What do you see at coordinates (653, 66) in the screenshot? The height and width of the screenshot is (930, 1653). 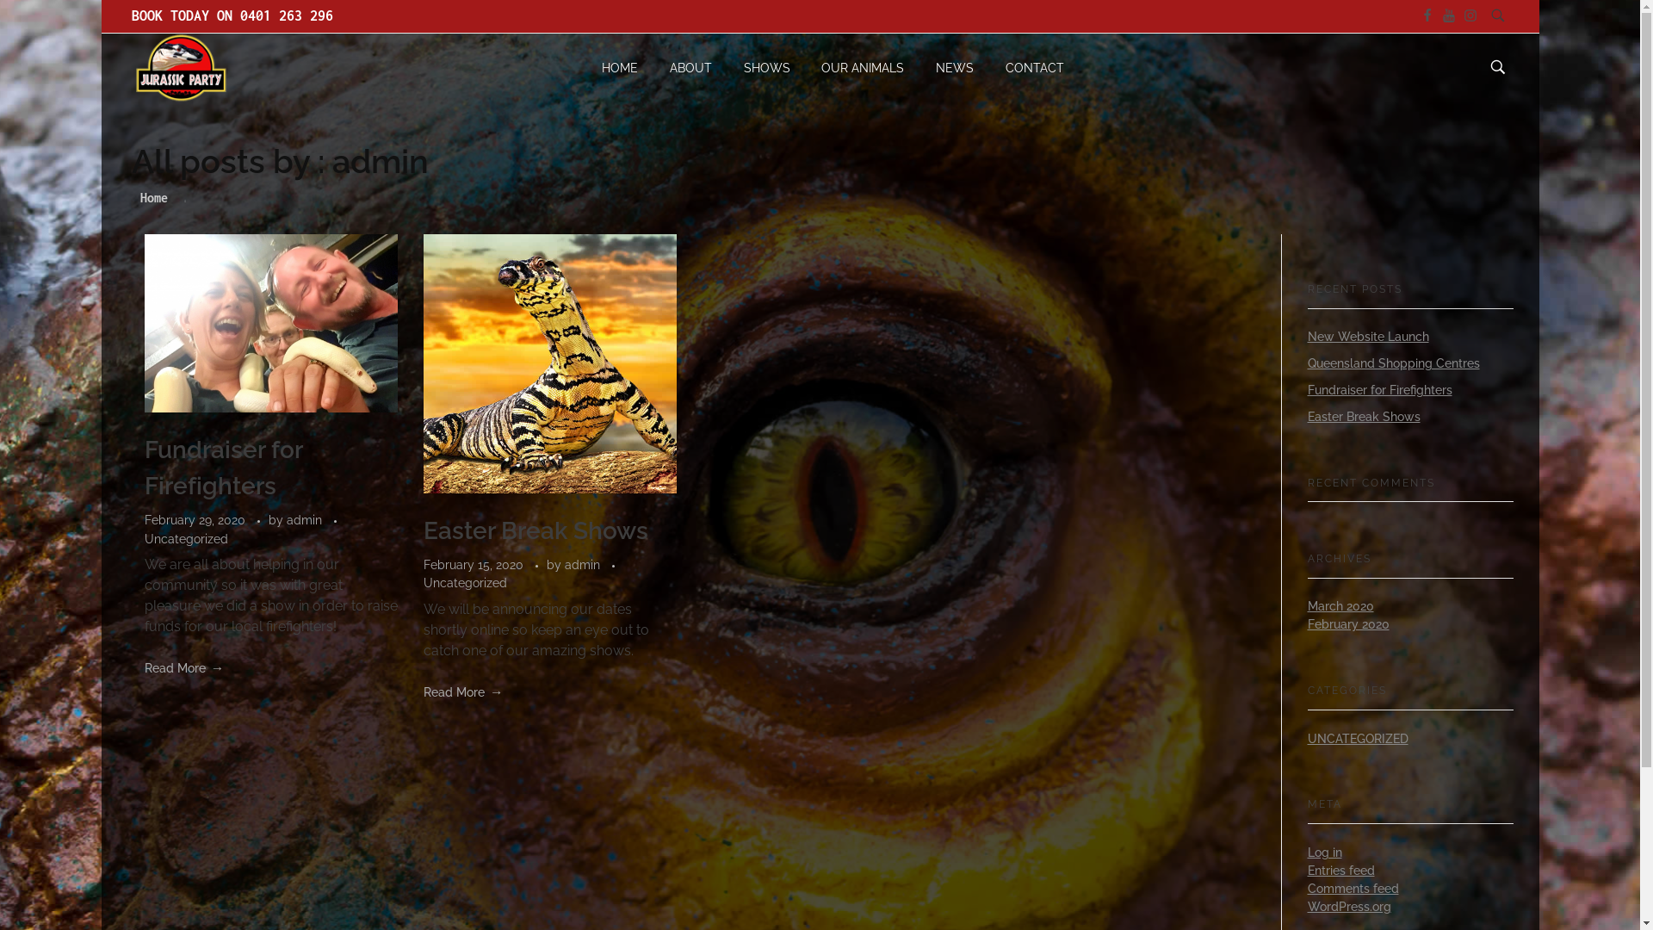 I see `'ABOUT'` at bounding box center [653, 66].